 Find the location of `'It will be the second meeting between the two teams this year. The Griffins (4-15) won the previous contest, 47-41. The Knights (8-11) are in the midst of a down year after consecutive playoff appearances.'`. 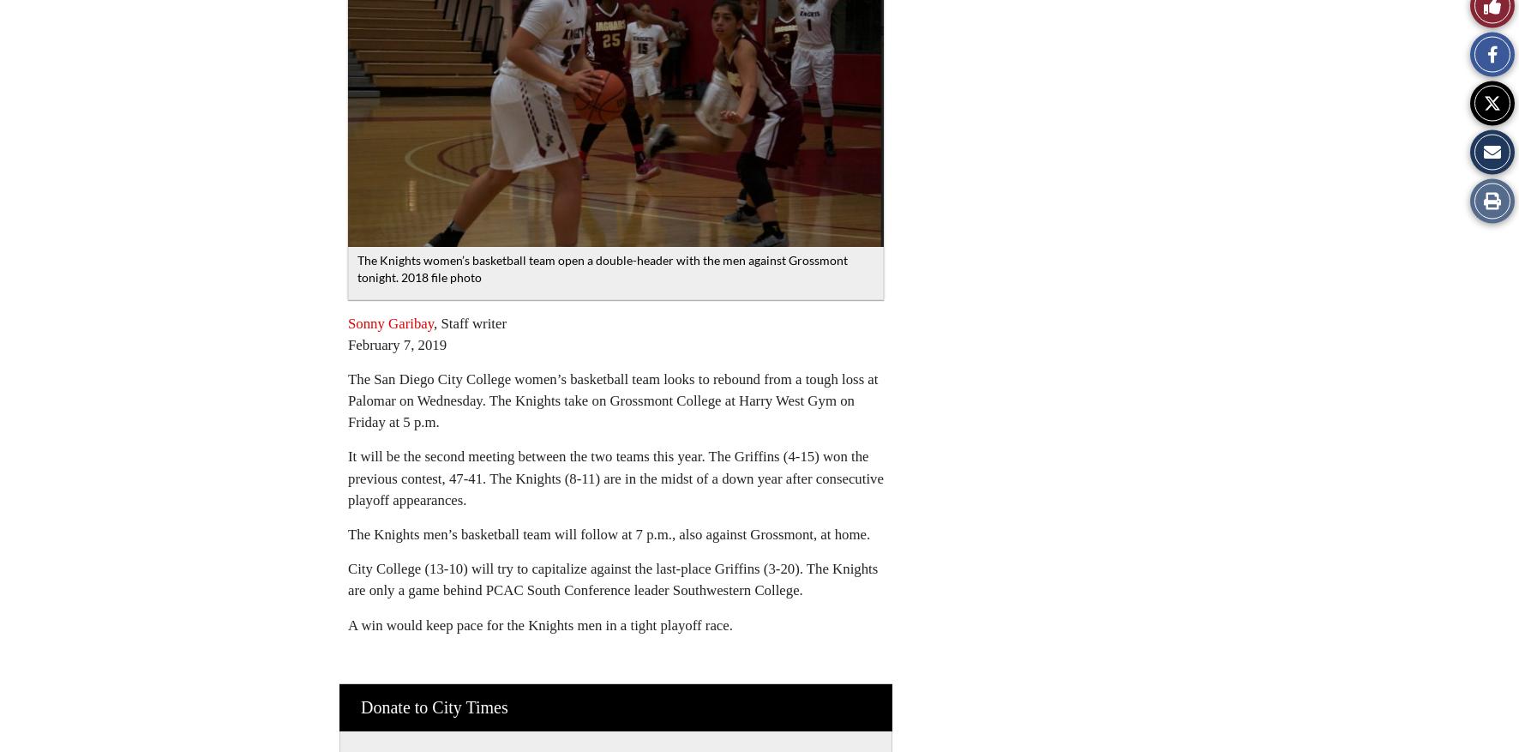

'It will be the second meeting between the two teams this year. The Griffins (4-15) won the previous contest, 47-41. The Knights (8-11) are in the midst of a down year after consecutive playoff appearances.' is located at coordinates (615, 478).